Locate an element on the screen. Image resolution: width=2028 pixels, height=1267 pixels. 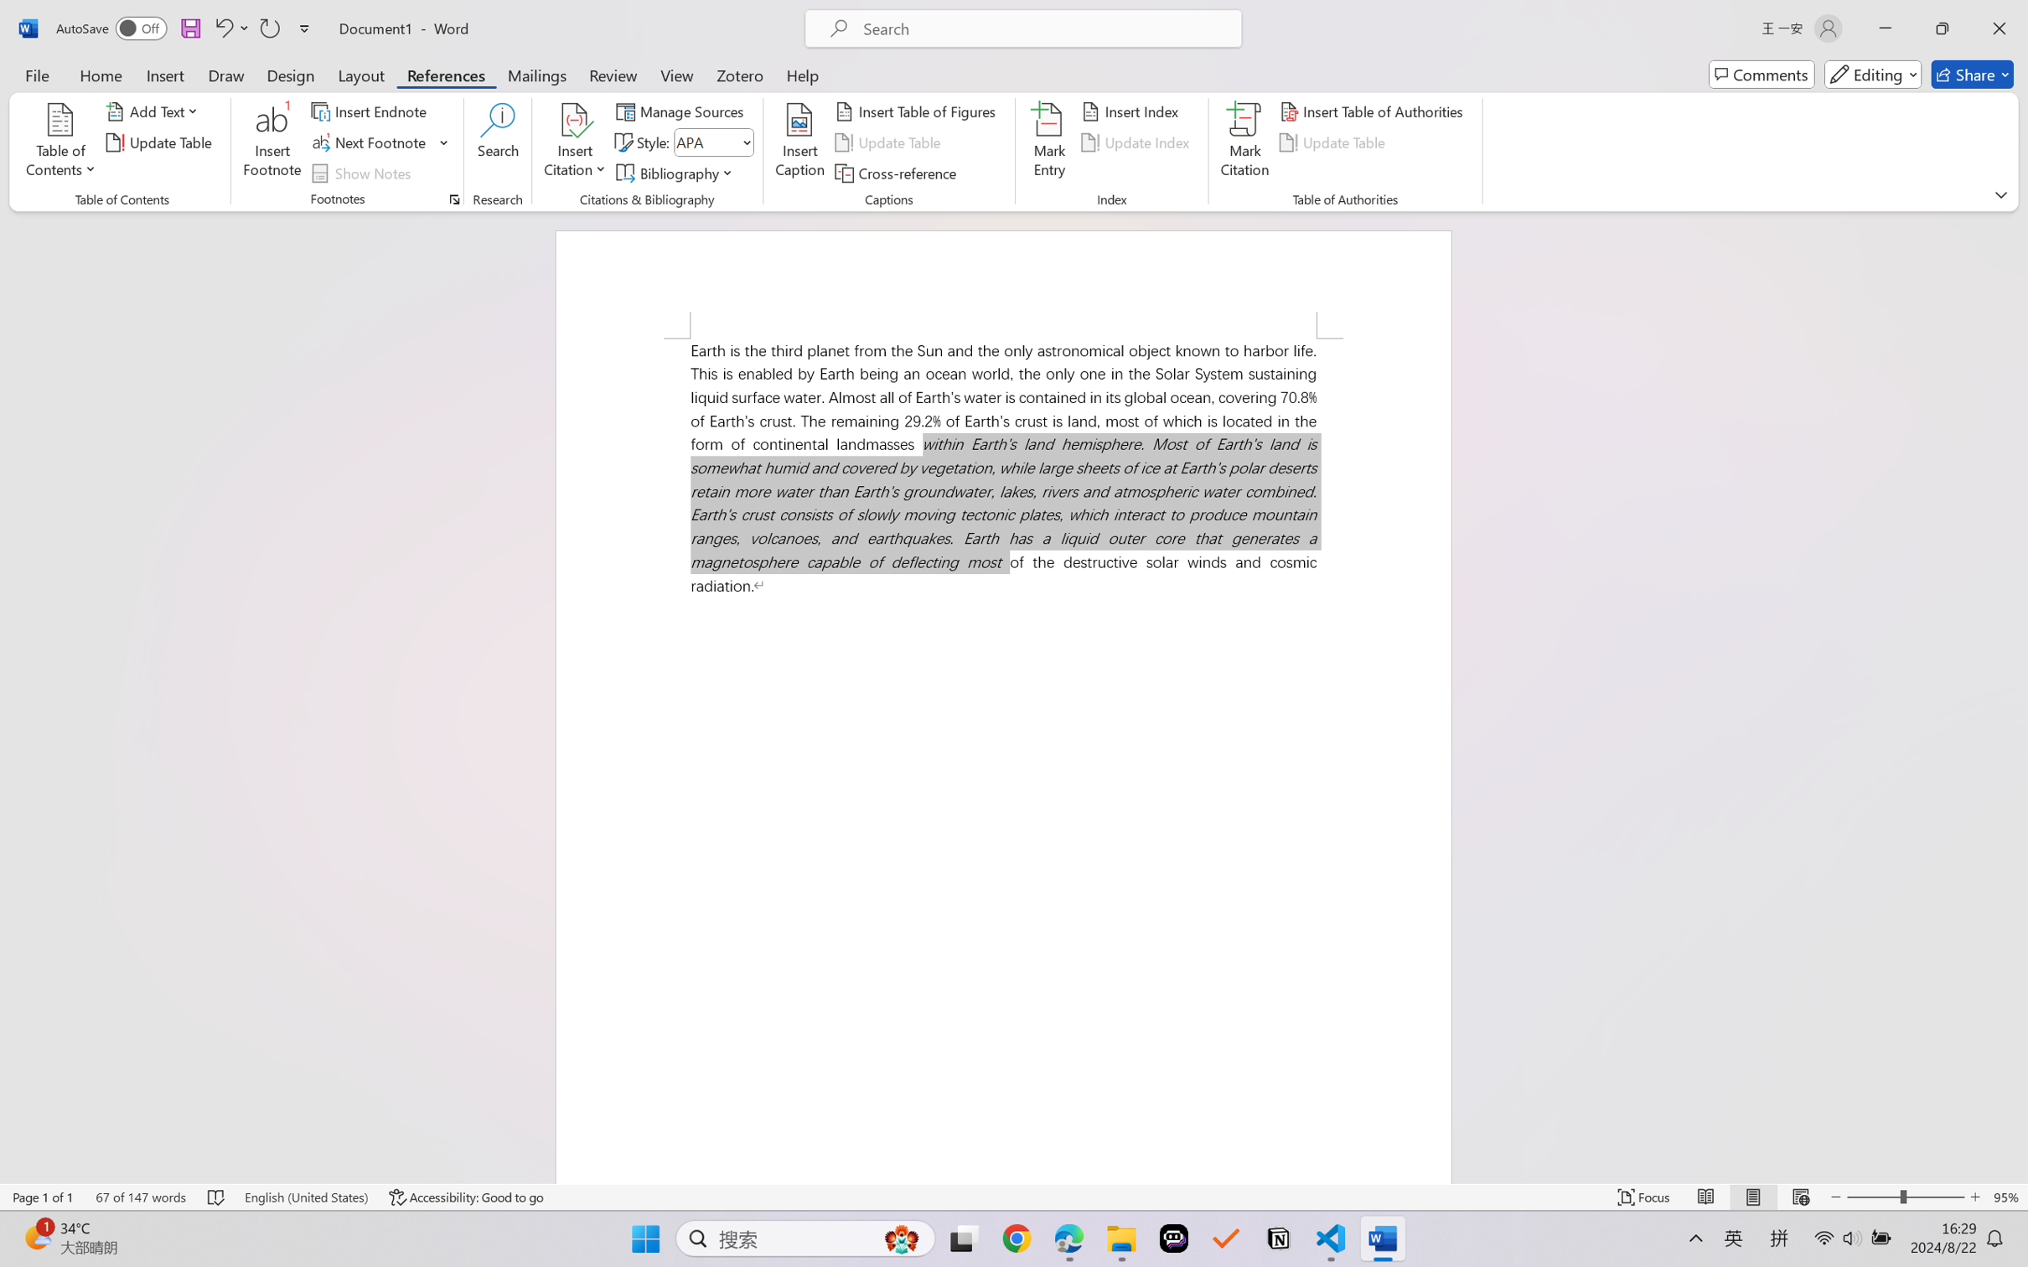
'Undo Italic' is located at coordinates (230, 28).